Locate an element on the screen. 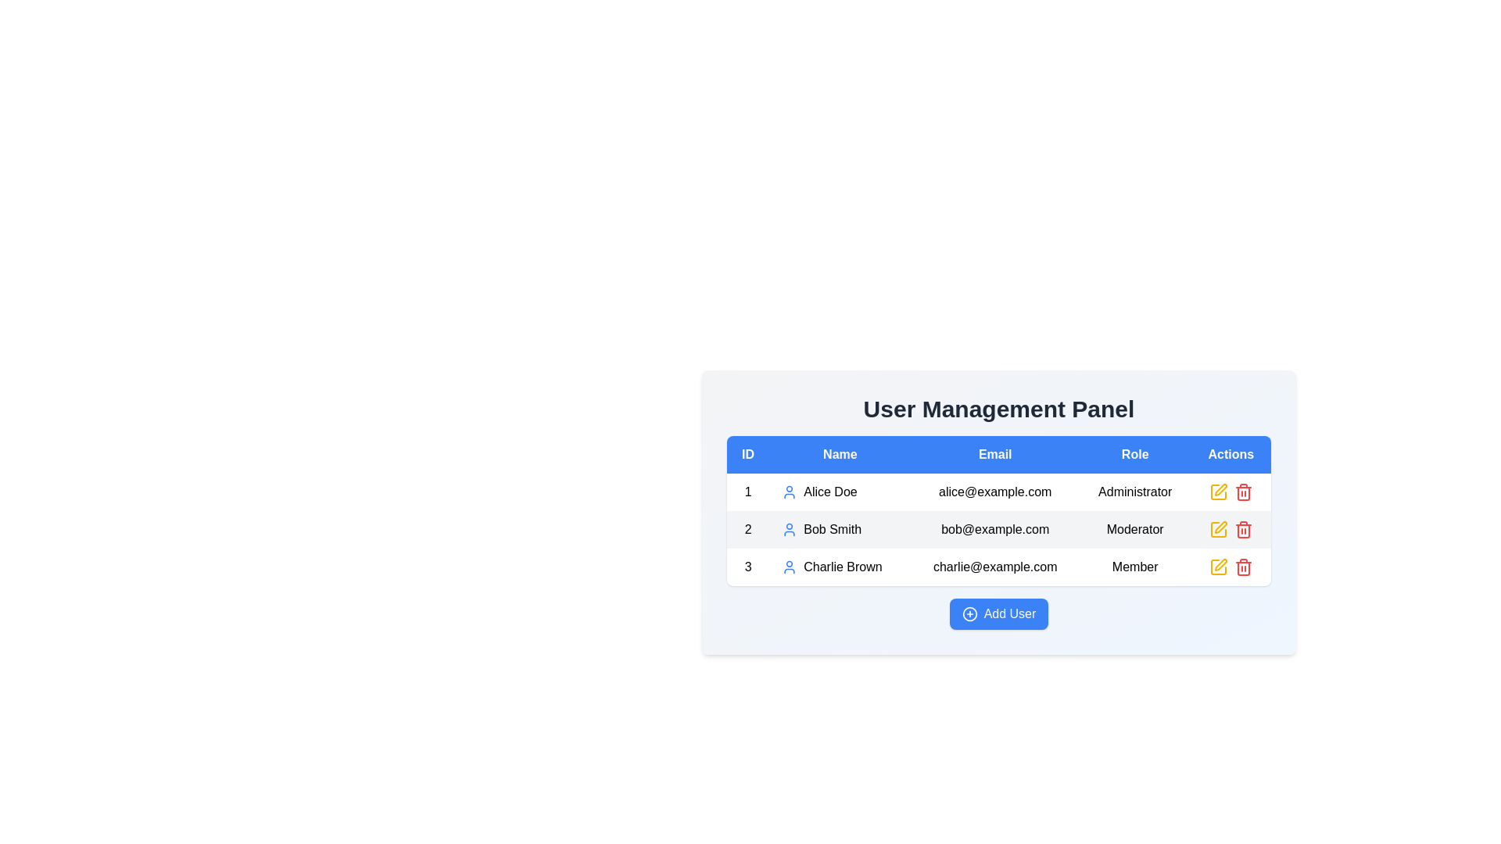 The width and height of the screenshot is (1501, 844). the unique blue button labeled 'Add User' to observe the hover effect, which changes its background to a darker blue is located at coordinates (998, 613).